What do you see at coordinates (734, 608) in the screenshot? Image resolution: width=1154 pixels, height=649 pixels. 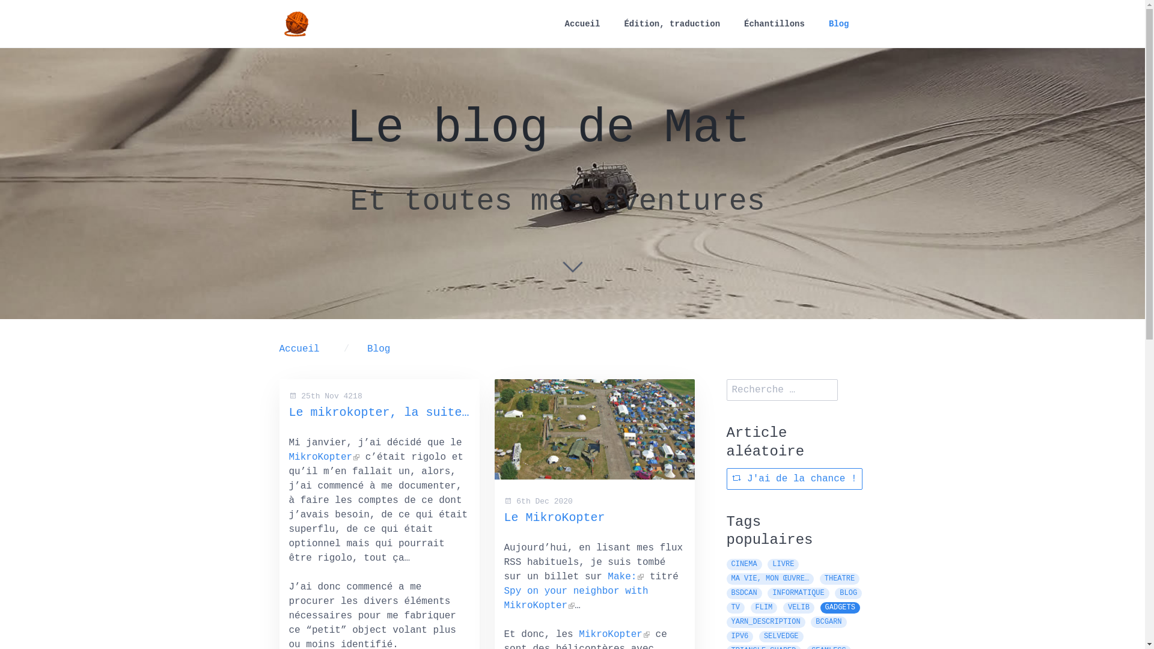 I see `'TV'` at bounding box center [734, 608].